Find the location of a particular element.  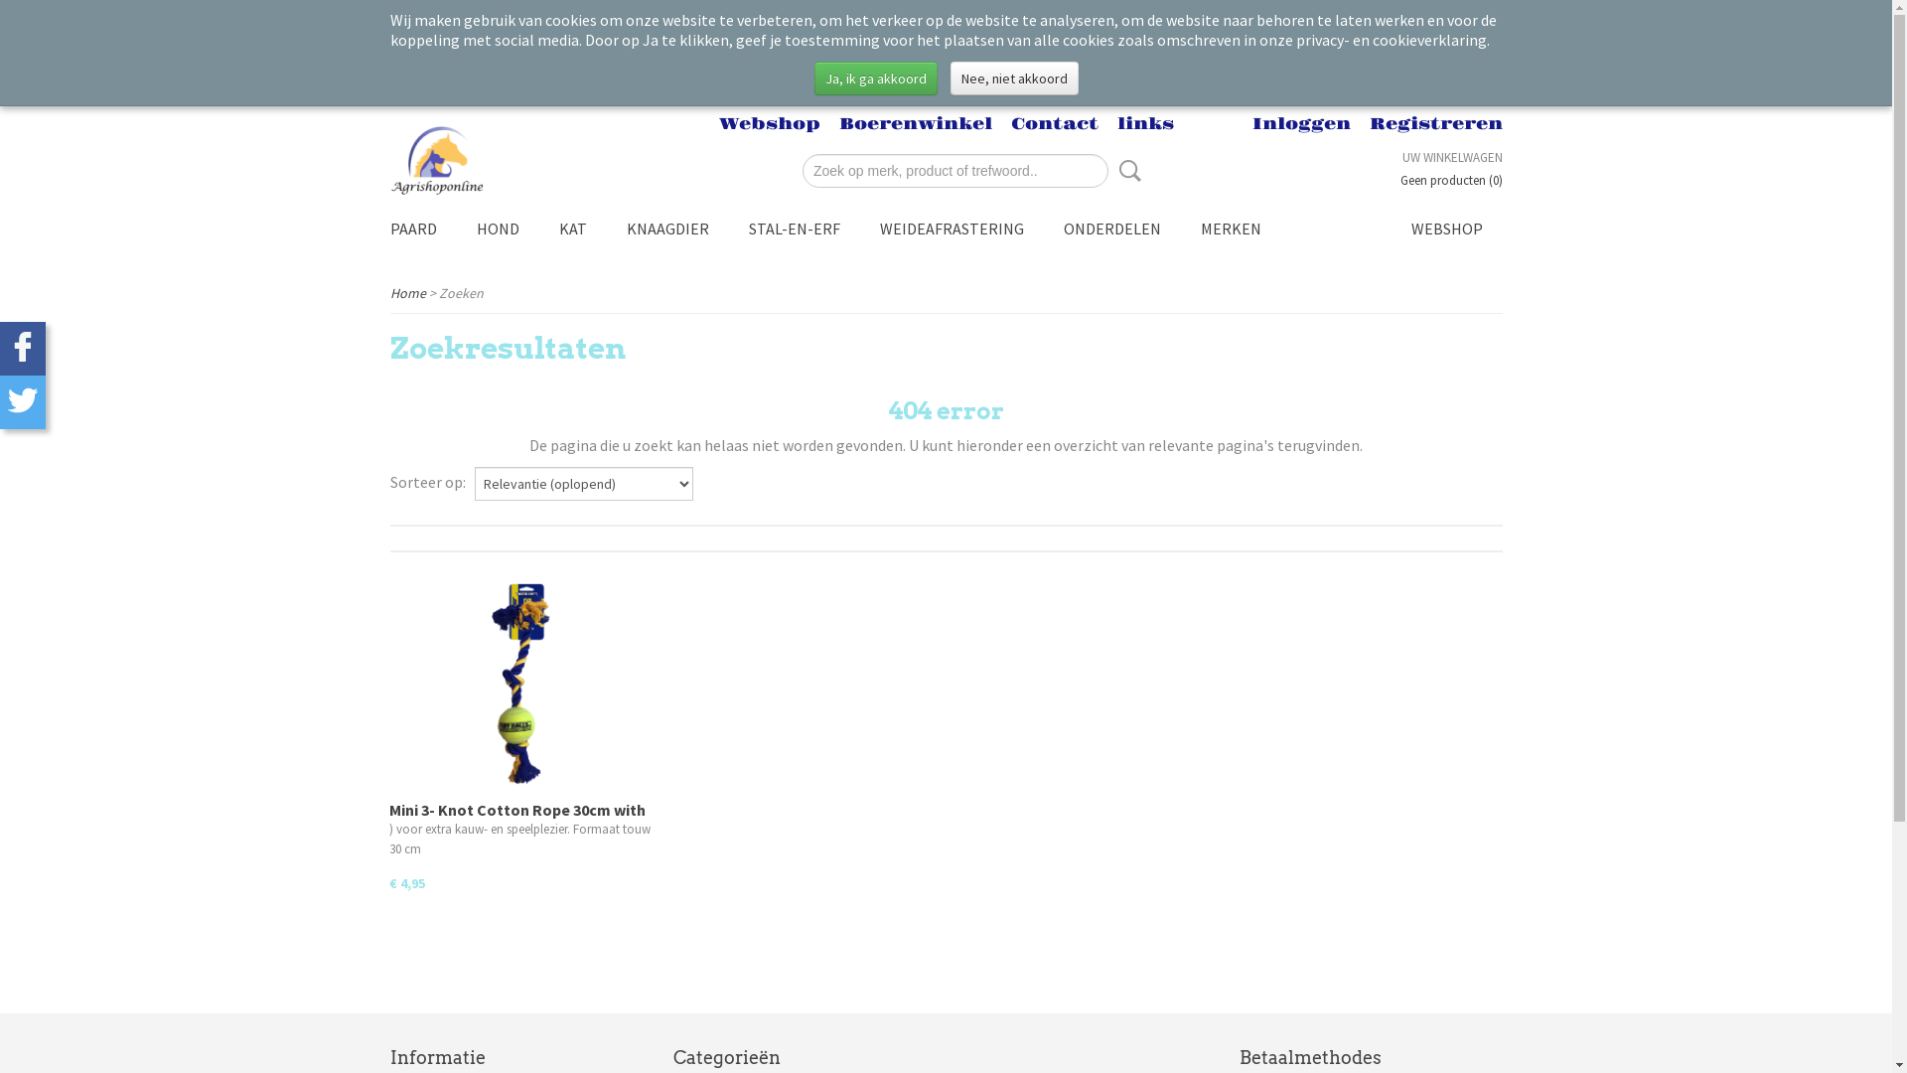

'Inloggen' is located at coordinates (1300, 123).